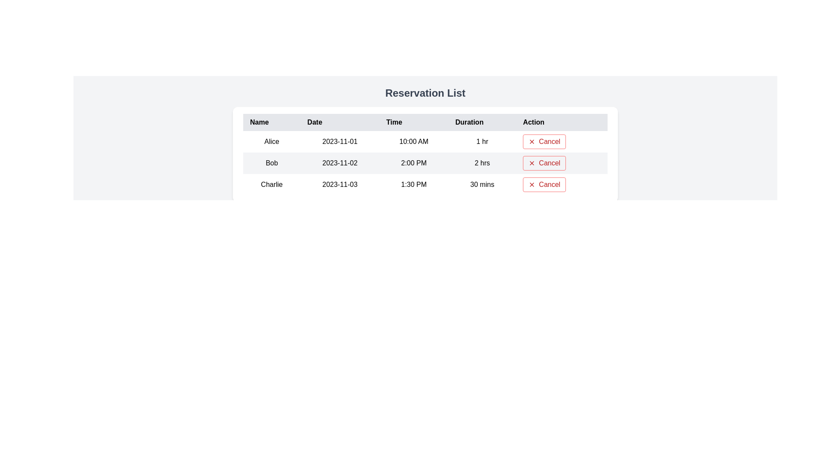 Image resolution: width=825 pixels, height=464 pixels. What do you see at coordinates (562, 141) in the screenshot?
I see `the 'Cancel' button with a red border and text, located in the fifth column of the first row under the 'Action' header for 'Alice', to potentially reveal additional information or change its appearance` at bounding box center [562, 141].